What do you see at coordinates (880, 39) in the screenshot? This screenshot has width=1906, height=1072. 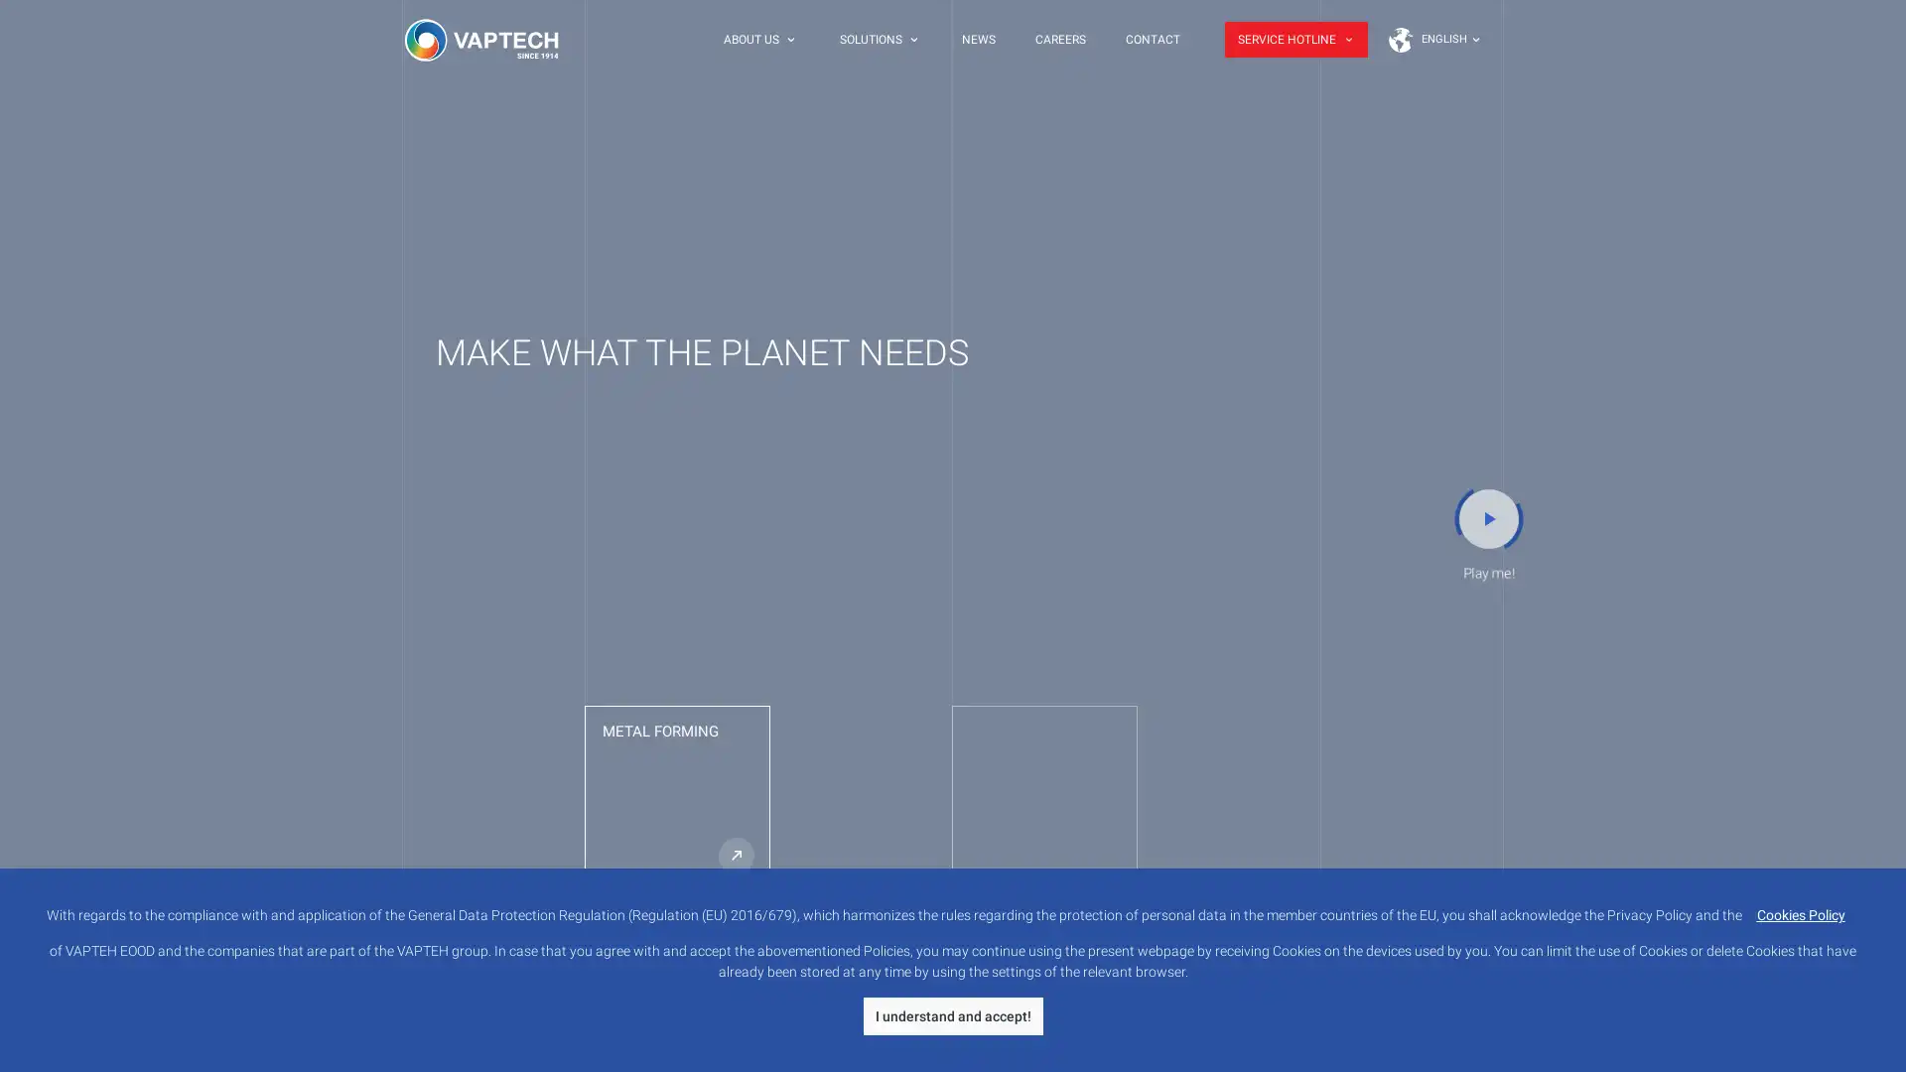 I see `SOLUTIONS keyboard_arrow_down` at bounding box center [880, 39].